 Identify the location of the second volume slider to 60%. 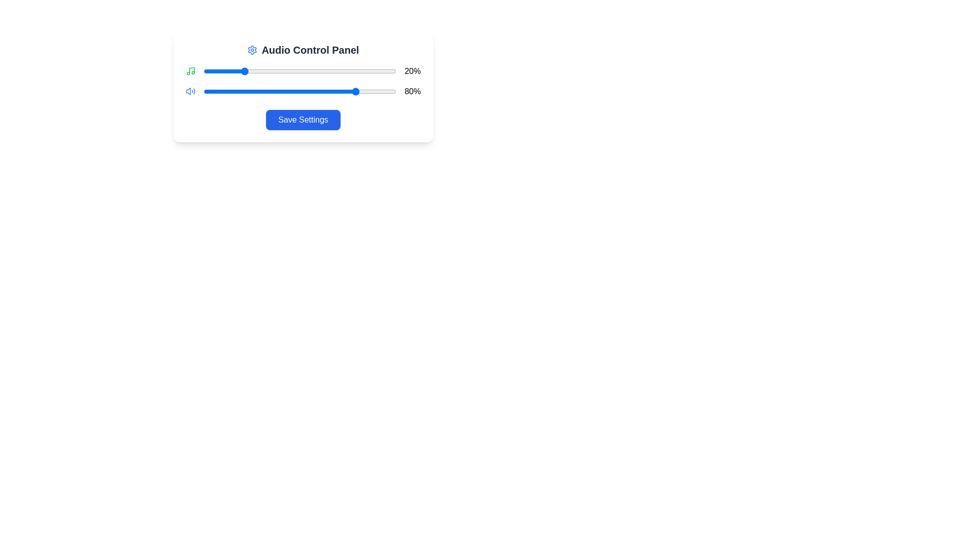
(319, 92).